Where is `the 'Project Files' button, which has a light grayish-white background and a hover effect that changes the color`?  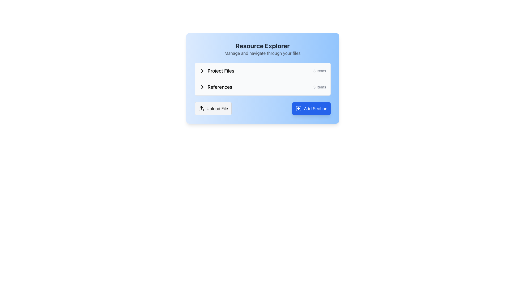 the 'Project Files' button, which has a light grayish-white background and a hover effect that changes the color is located at coordinates (262, 70).